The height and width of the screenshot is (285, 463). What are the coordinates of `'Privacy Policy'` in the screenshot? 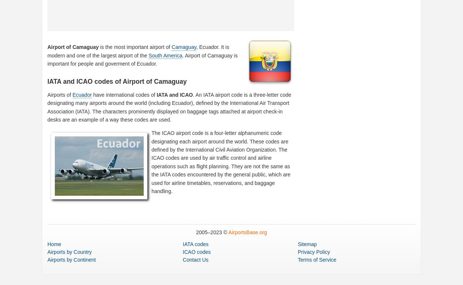 It's located at (313, 252).